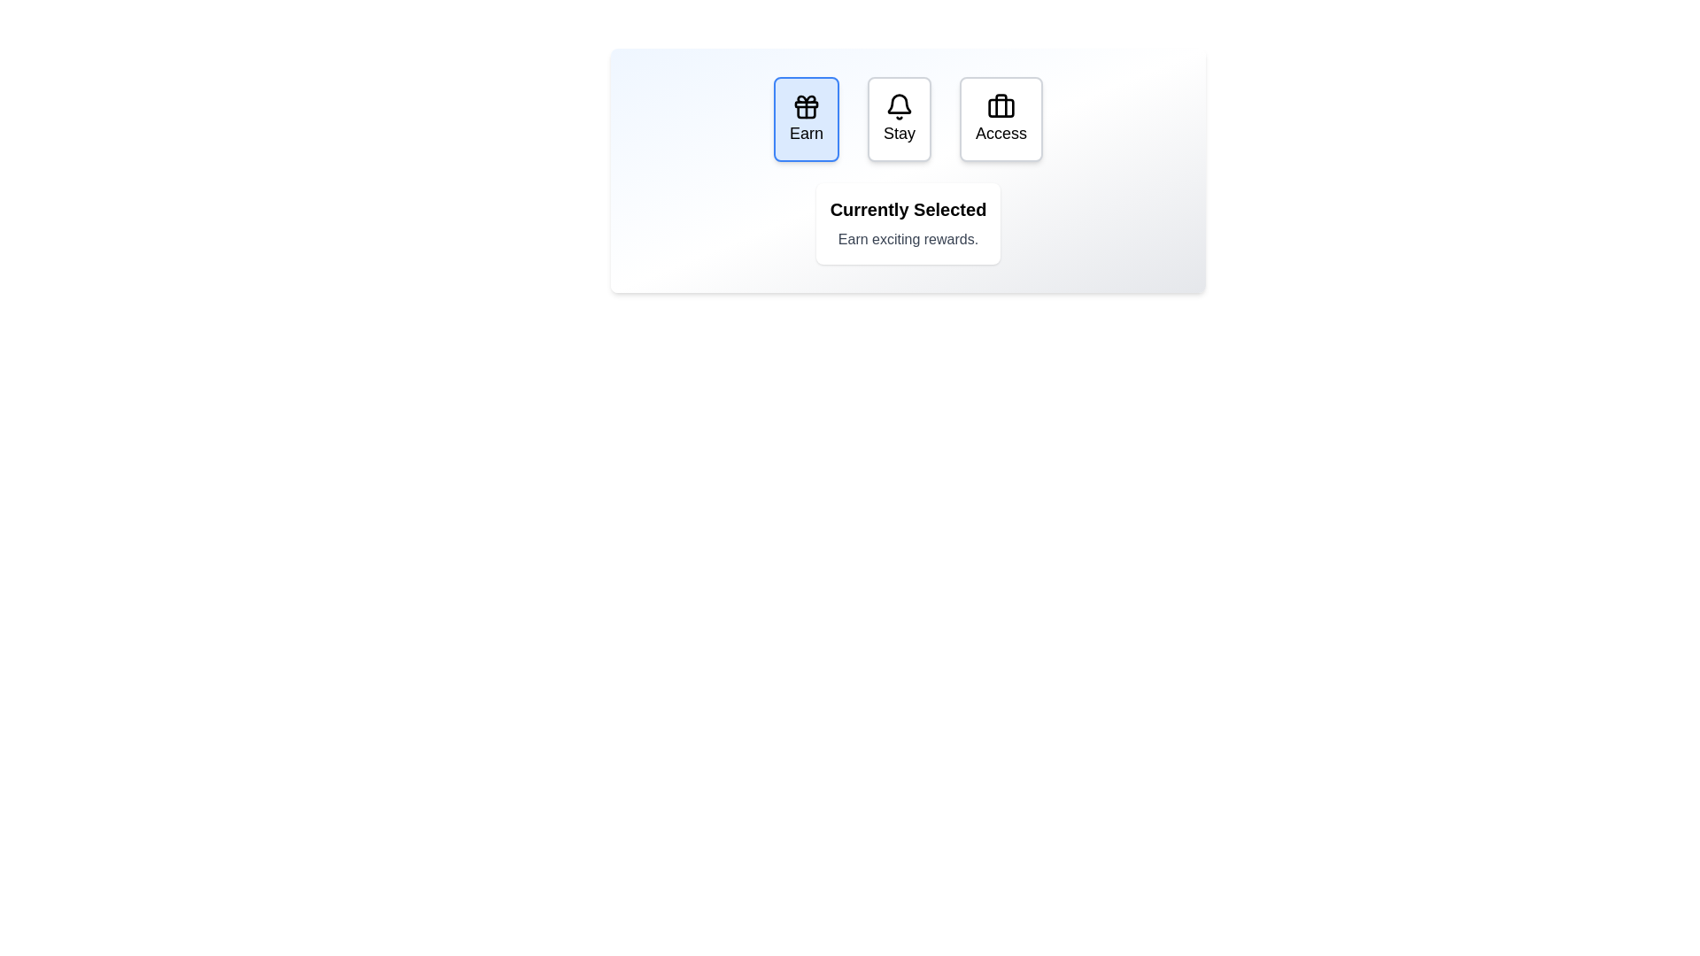  Describe the element at coordinates (1001, 106) in the screenshot. I see `the icon representing the 'Access' feature, which is located in the center of the 'Access' card above the text 'Access'` at that location.